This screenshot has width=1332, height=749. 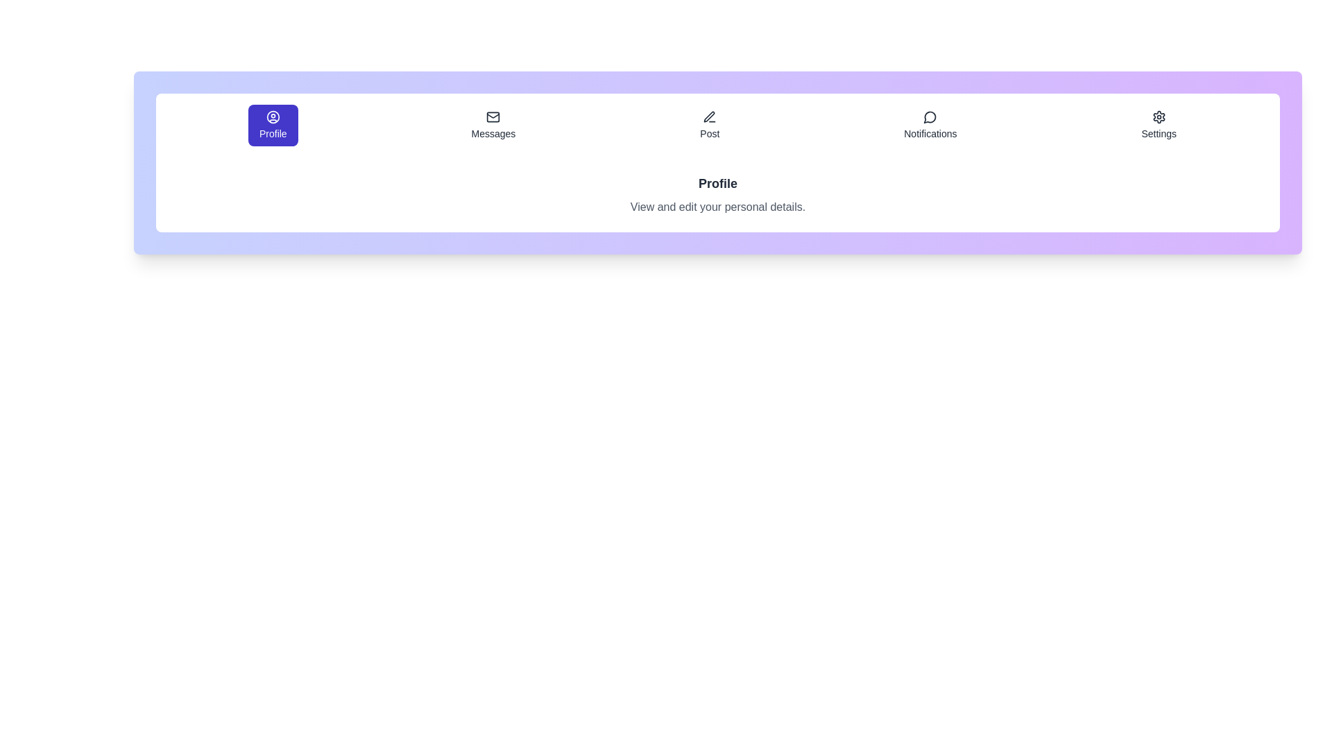 I want to click on the tab labeled Notifications to preview its interaction effect, so click(x=930, y=126).